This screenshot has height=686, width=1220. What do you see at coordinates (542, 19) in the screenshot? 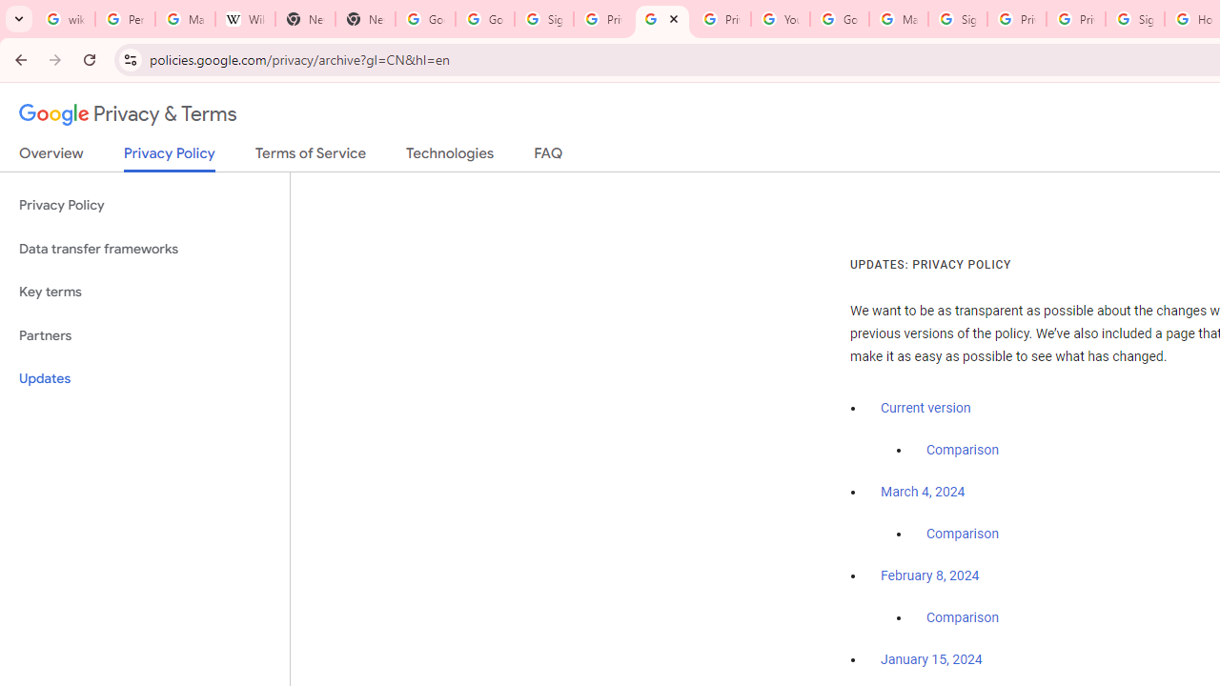
I see `'Sign in - Google Accounts'` at bounding box center [542, 19].